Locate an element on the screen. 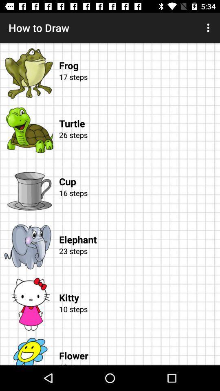  item below the 16 steps icon is located at coordinates (139, 231).